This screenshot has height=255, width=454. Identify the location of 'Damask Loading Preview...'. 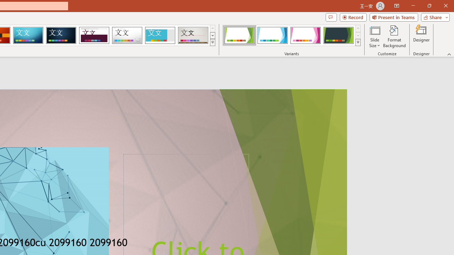
(61, 35).